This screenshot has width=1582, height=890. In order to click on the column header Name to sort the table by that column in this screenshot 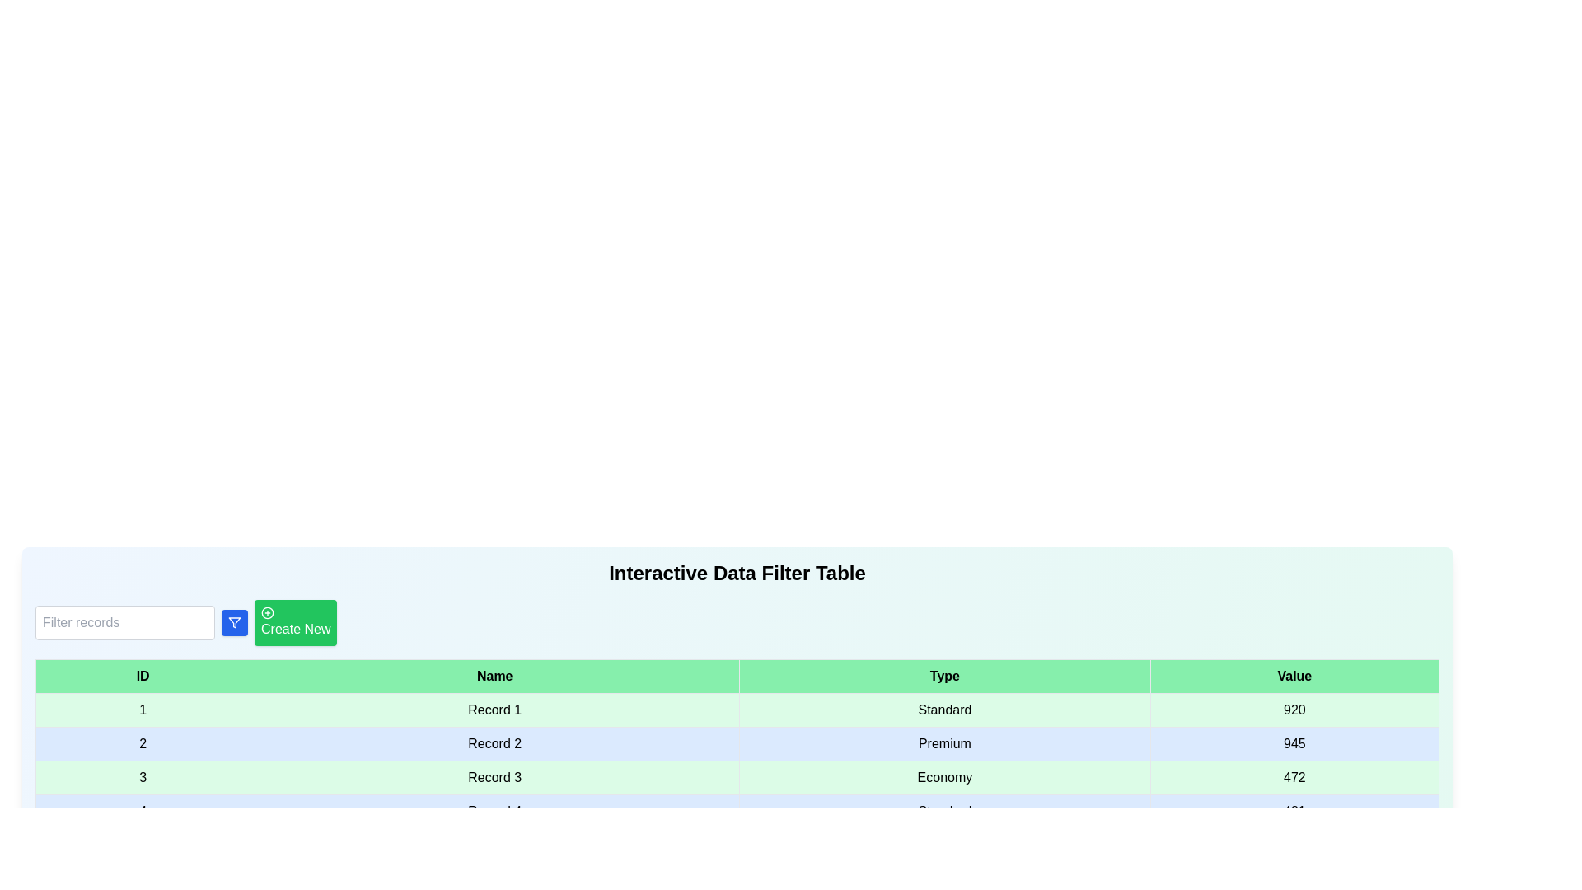, I will do `click(494, 677)`.